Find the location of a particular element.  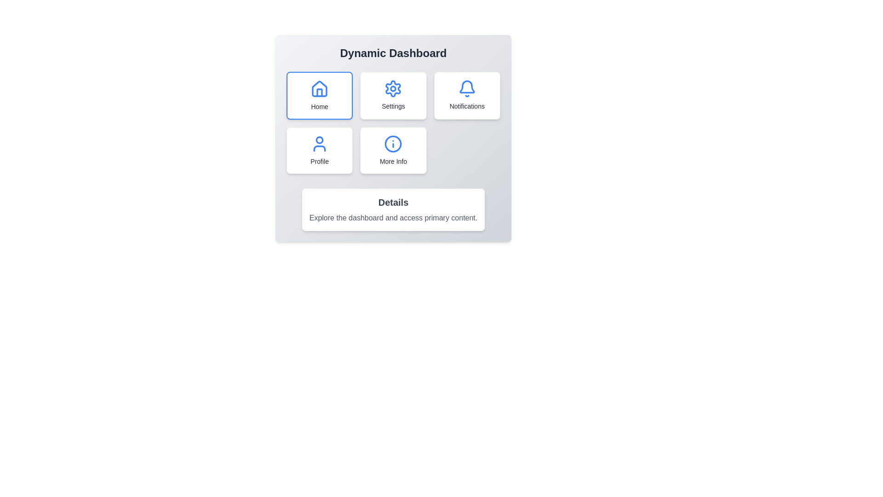

the user profile icon, which is an SVG element located in the first column of the second row under the 'Dynamic Dashboard' heading is located at coordinates (320, 140).